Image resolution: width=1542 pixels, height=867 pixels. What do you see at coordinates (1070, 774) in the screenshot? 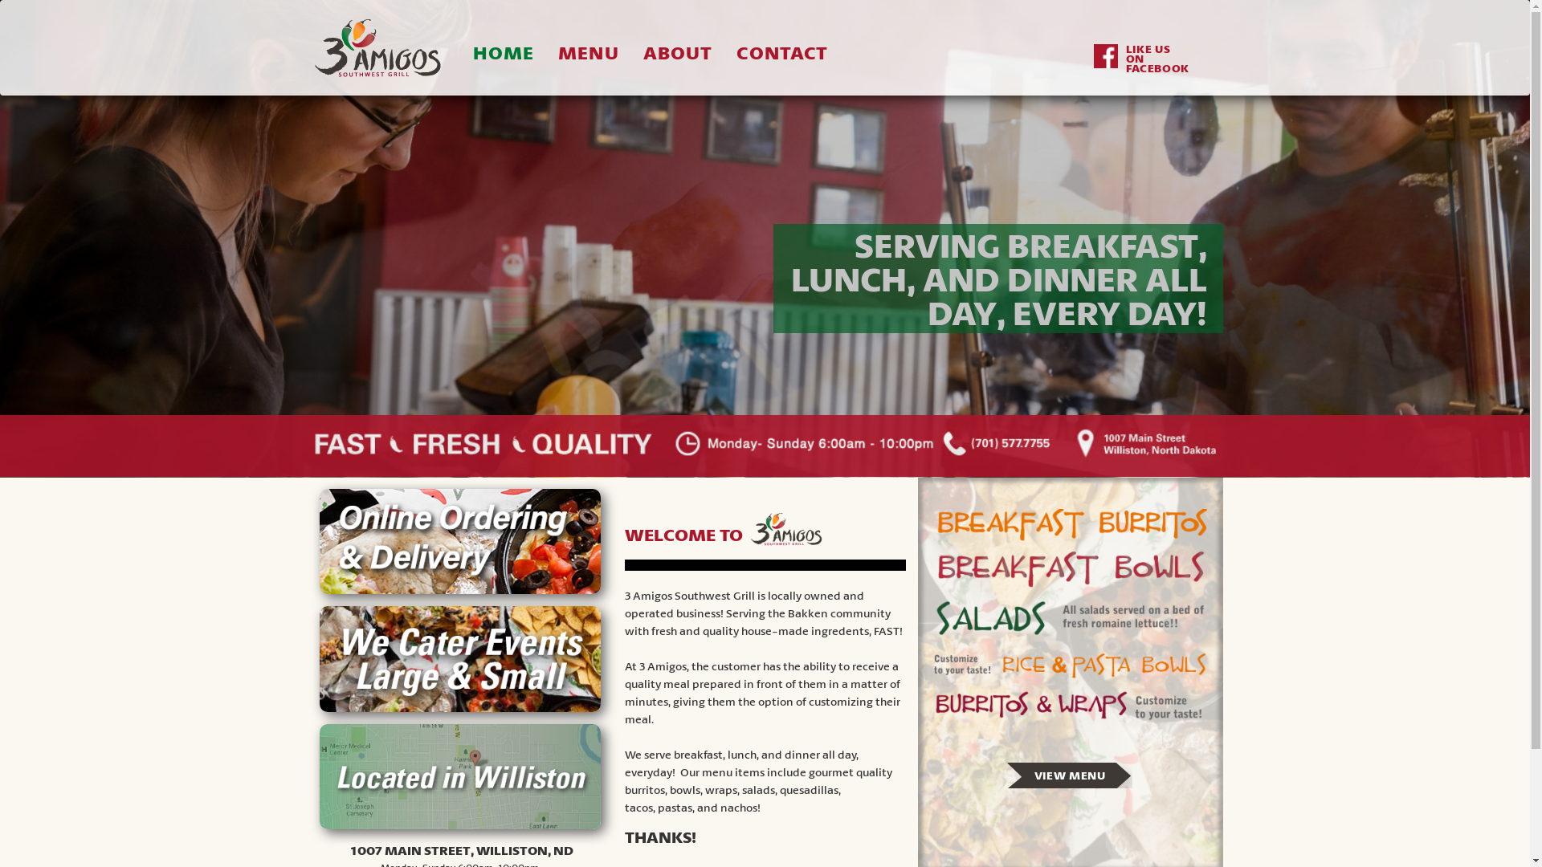
I see `'VIEW MENU'` at bounding box center [1070, 774].